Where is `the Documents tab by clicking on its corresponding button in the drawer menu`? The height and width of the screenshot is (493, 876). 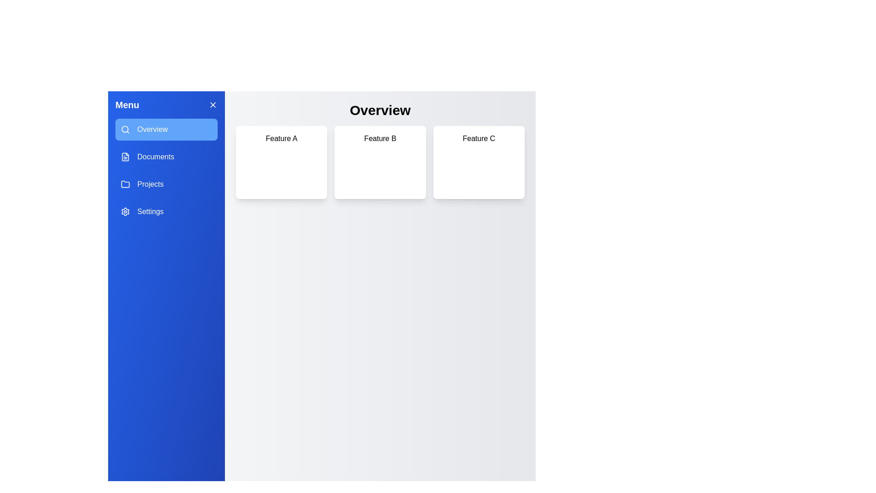
the Documents tab by clicking on its corresponding button in the drawer menu is located at coordinates (166, 156).